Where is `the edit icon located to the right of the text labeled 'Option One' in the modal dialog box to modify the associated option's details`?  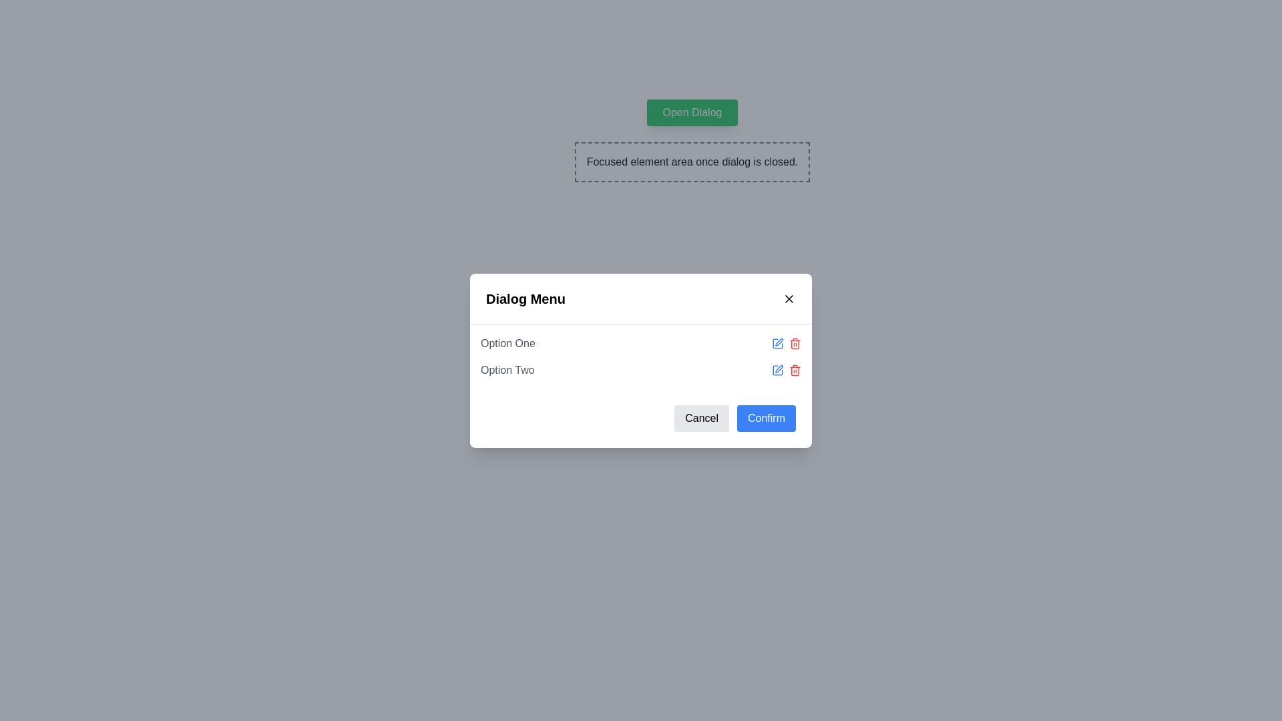
the edit icon located to the right of the text labeled 'Option One' in the modal dialog box to modify the associated option's details is located at coordinates (779, 341).